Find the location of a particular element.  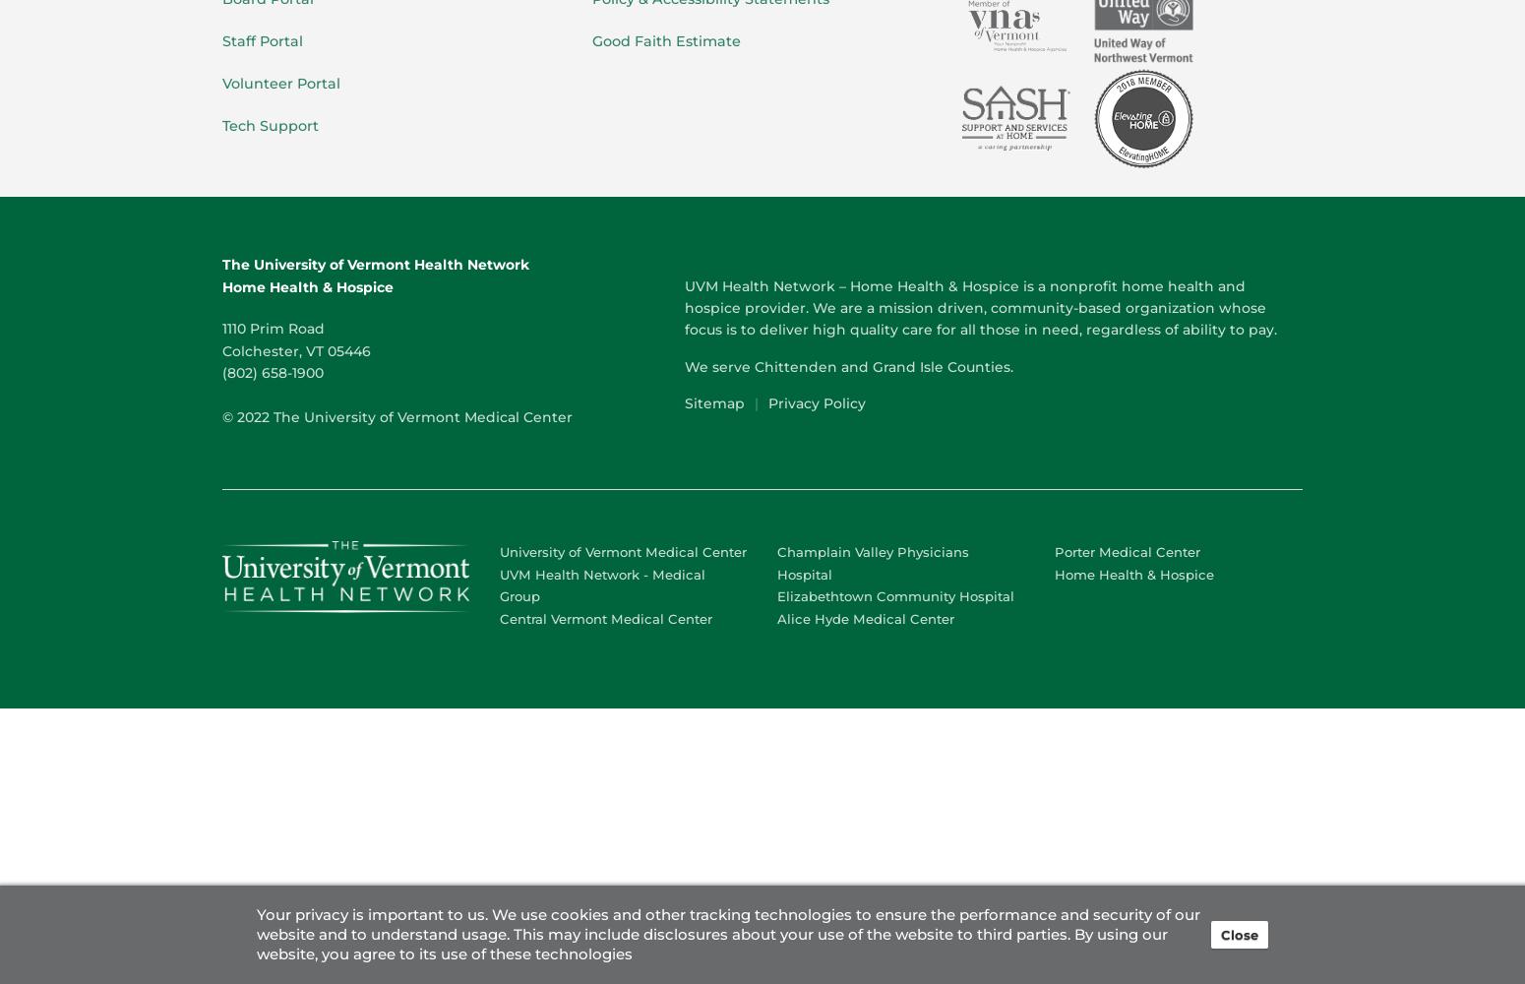

'© 2022 The University of Vermont Medical Center' is located at coordinates (396, 416).